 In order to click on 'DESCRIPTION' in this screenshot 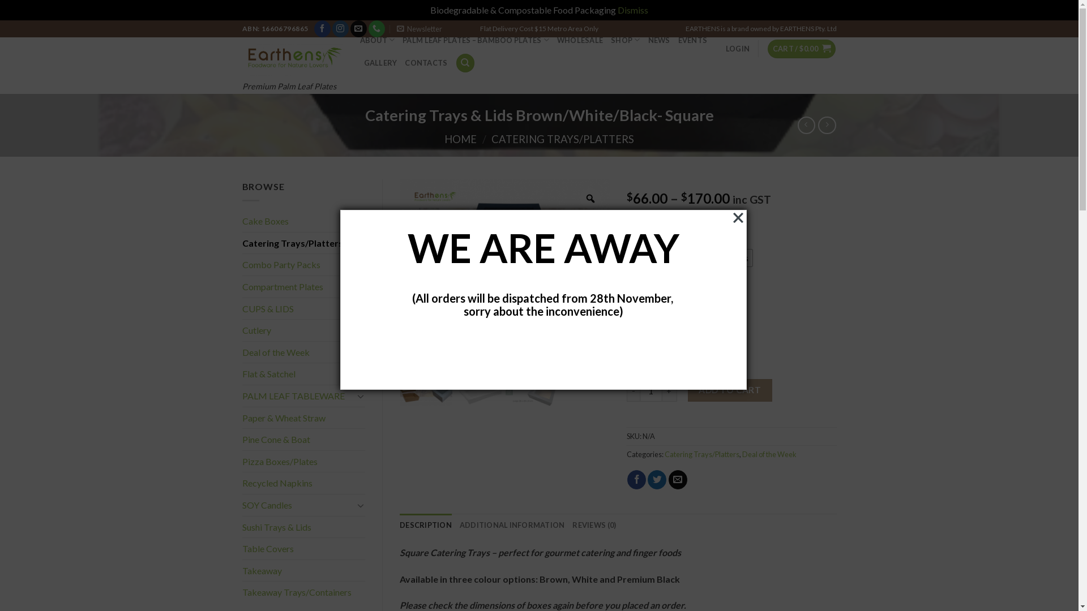, I will do `click(425, 525)`.